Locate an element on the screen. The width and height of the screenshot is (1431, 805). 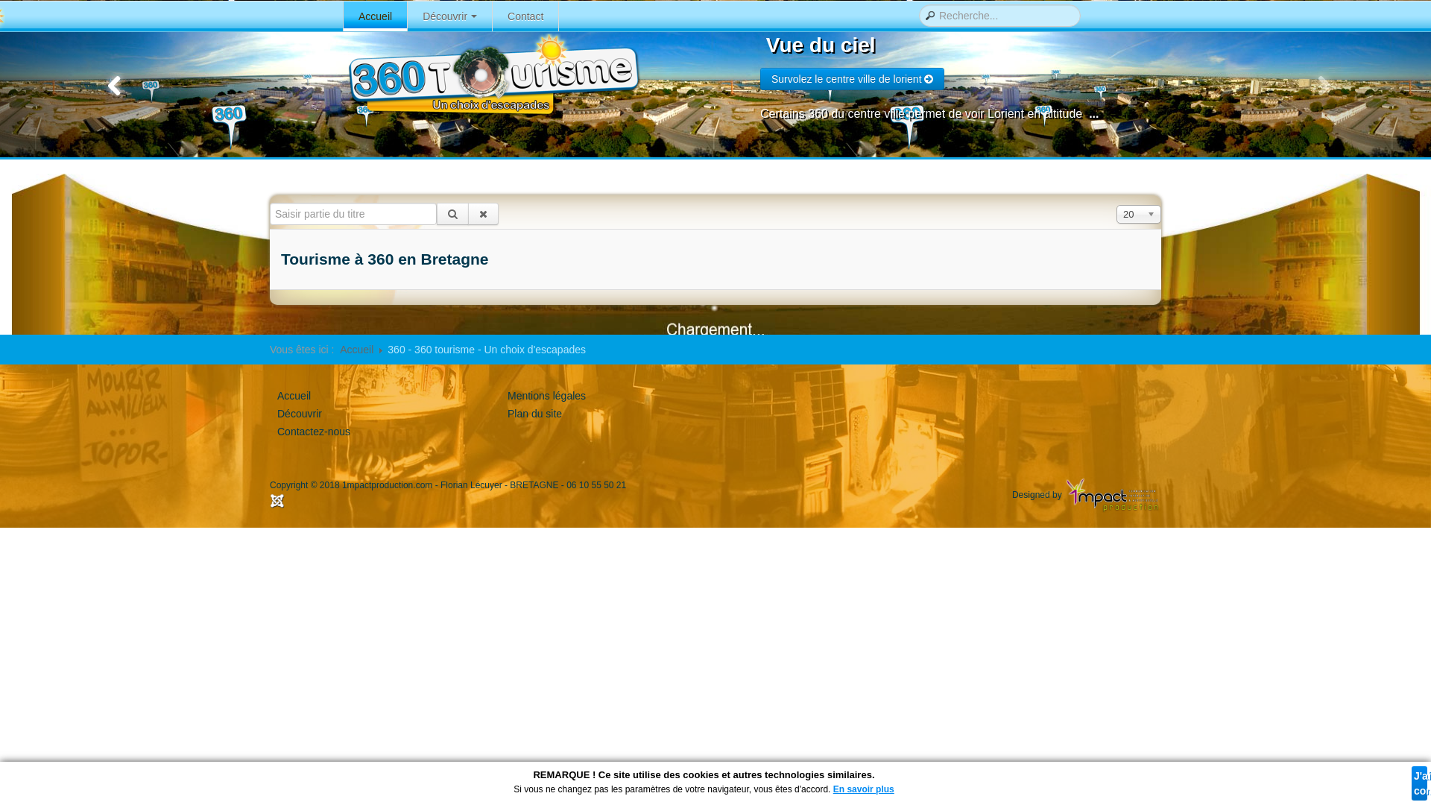
'Effacer' is located at coordinates (483, 213).